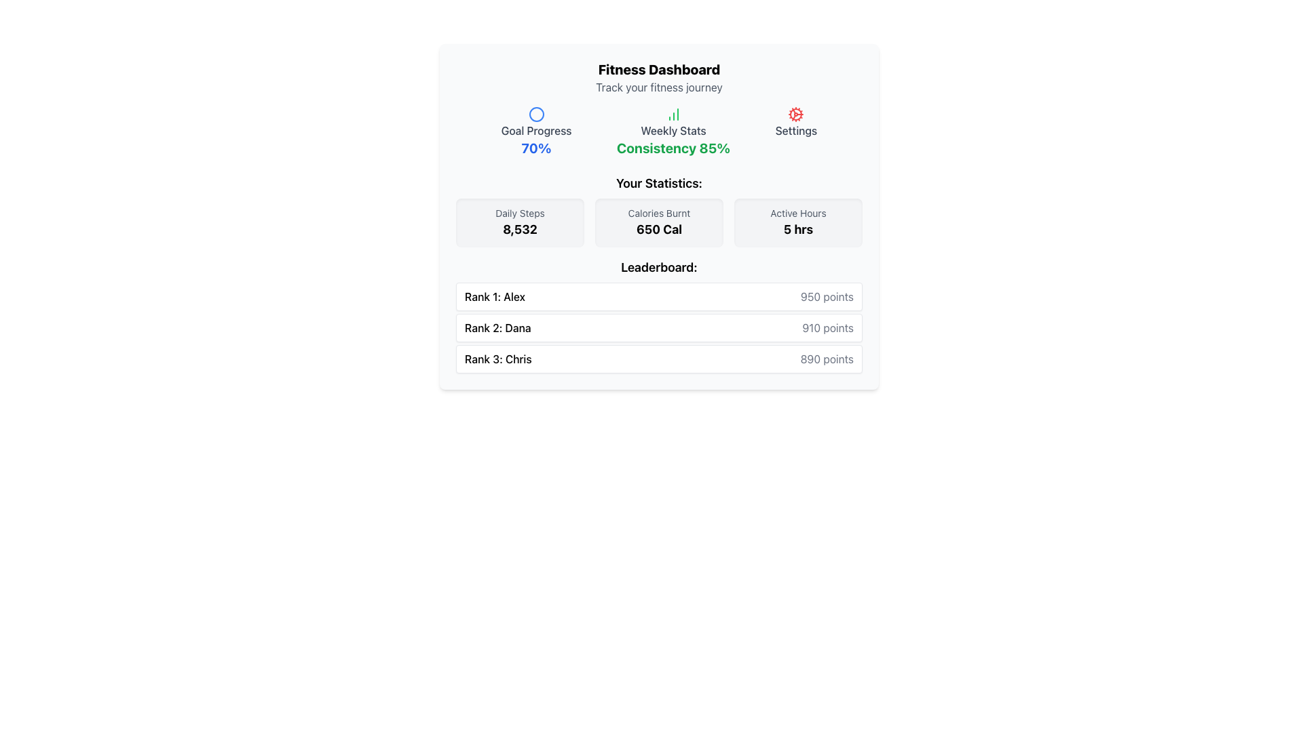 The image size is (1303, 732). Describe the element at coordinates (659, 358) in the screenshot. I see `the Textblock displaying the third rank with the name 'Chris' and their score of '890 points' in the leaderboard section` at that location.